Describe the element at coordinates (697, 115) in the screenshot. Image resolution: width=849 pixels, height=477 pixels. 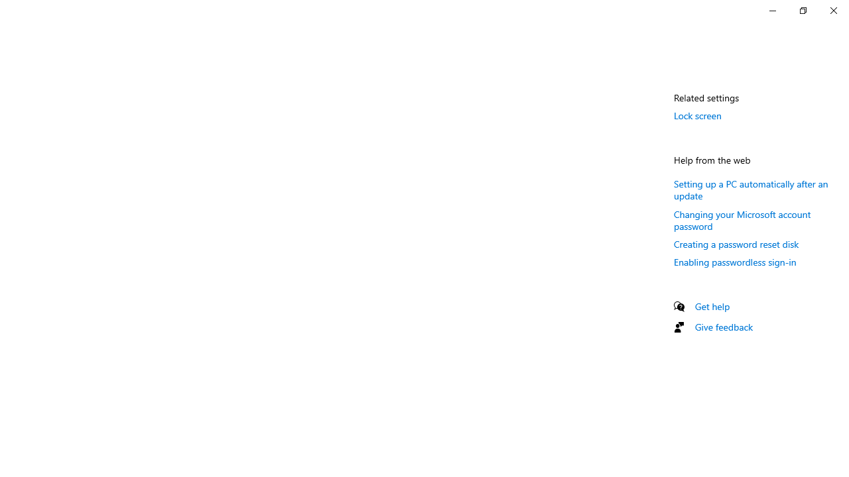
I see `'Lock screen'` at that location.